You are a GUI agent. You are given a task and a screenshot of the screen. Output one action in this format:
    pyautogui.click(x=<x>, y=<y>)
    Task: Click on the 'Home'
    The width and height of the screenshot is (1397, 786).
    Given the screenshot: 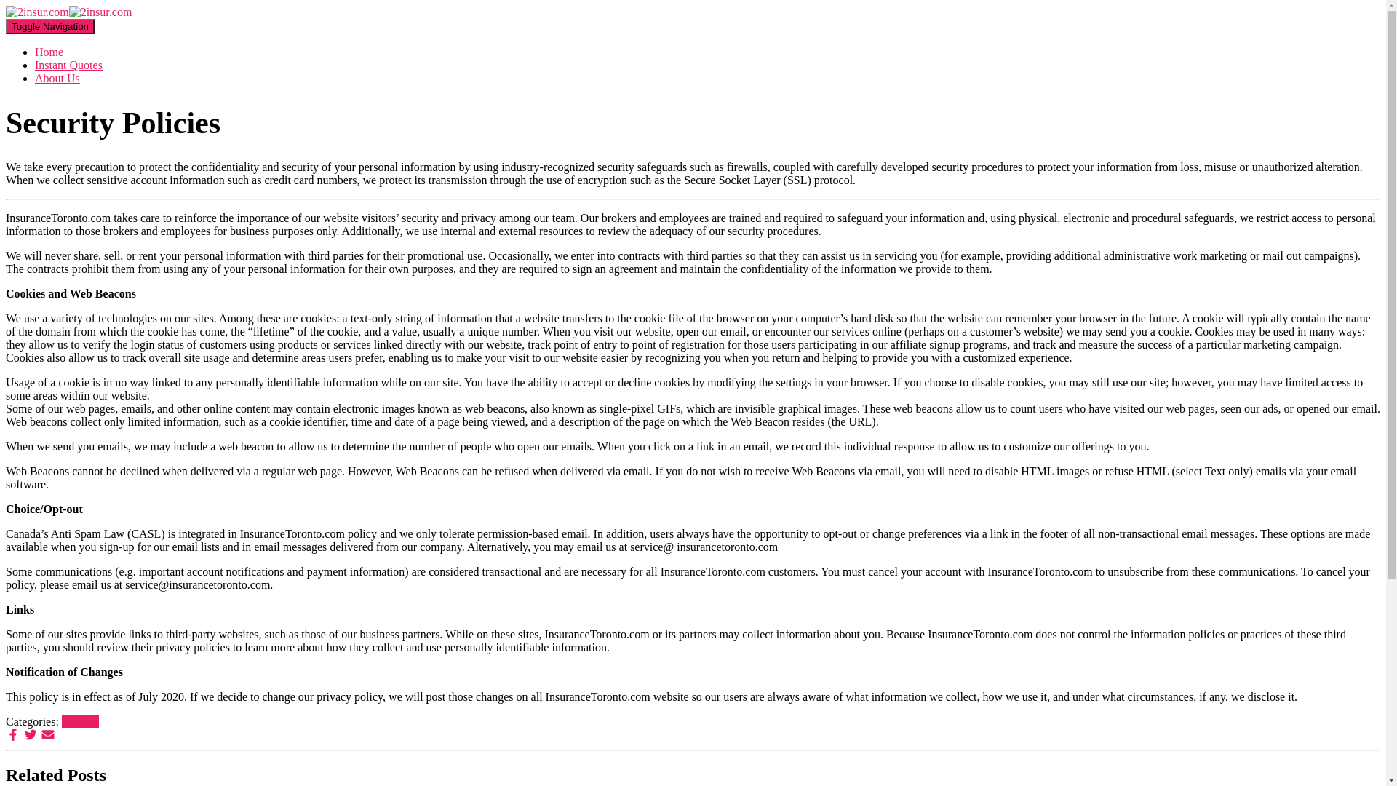 What is the action you would take?
    pyautogui.click(x=35, y=51)
    